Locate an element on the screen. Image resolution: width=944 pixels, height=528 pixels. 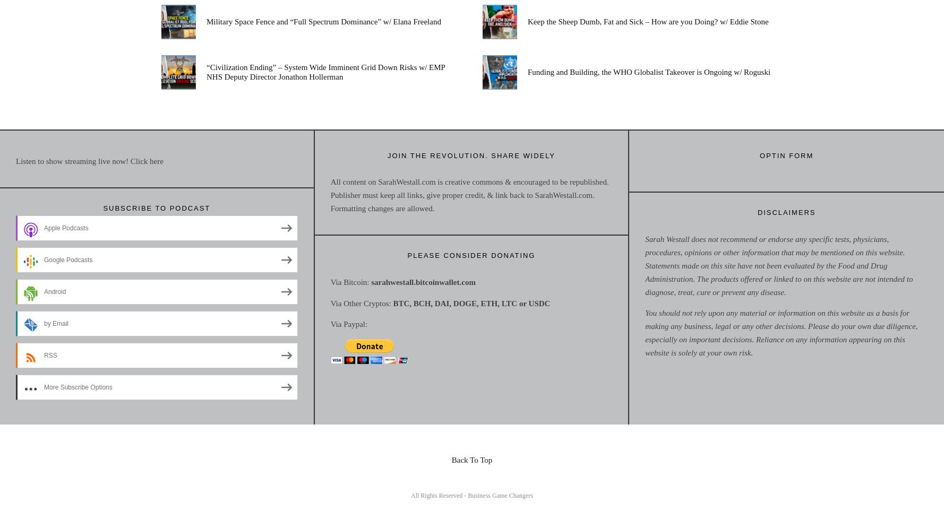
'“Civilization Ending” – System Wide Imminent Grid Down Risks w/ EMP NHS Deputy Director Jonathon Hollerman' is located at coordinates (207, 72).